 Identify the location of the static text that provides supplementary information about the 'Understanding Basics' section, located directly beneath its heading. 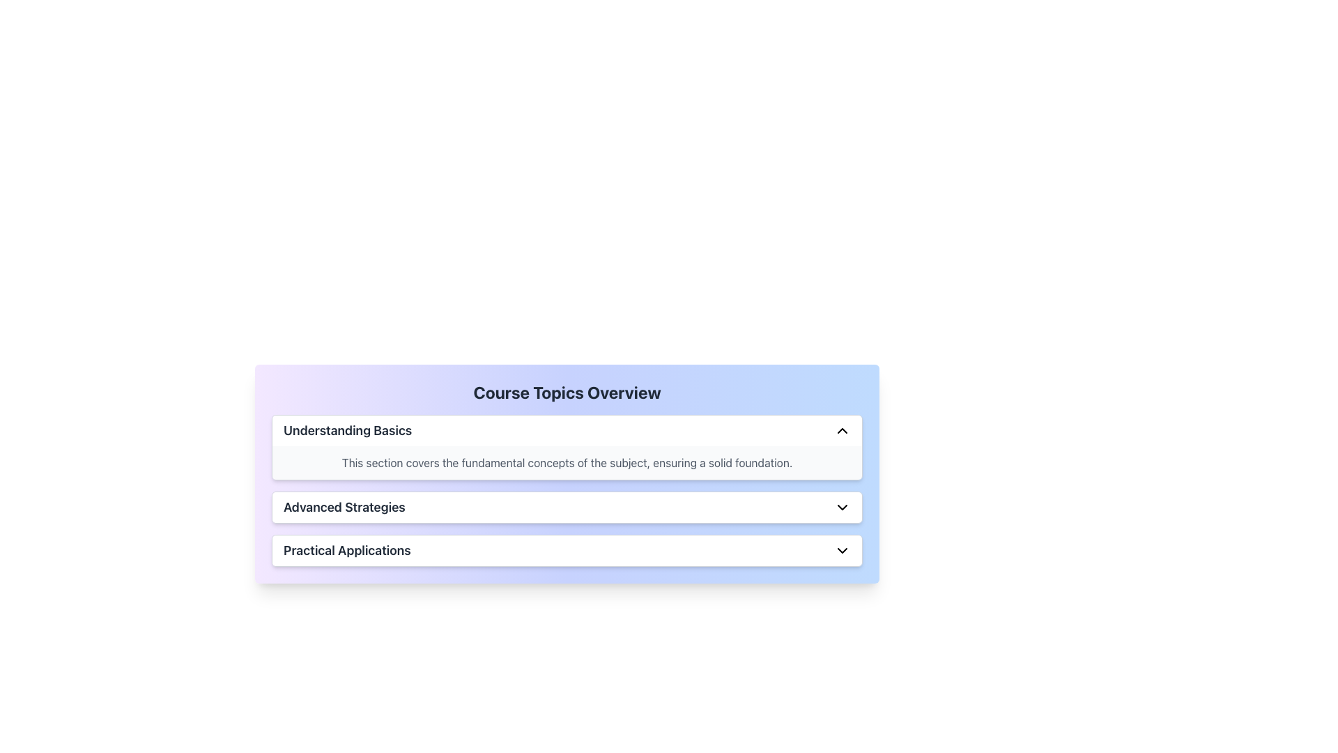
(567, 462).